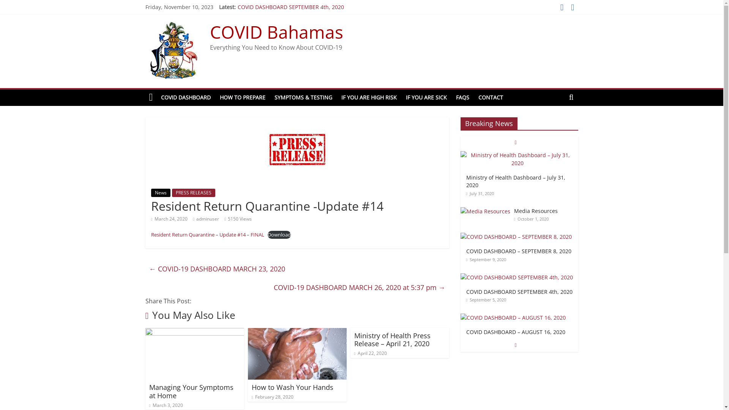 The width and height of the screenshot is (729, 410). I want to click on 'Media Resources', so click(484, 211).